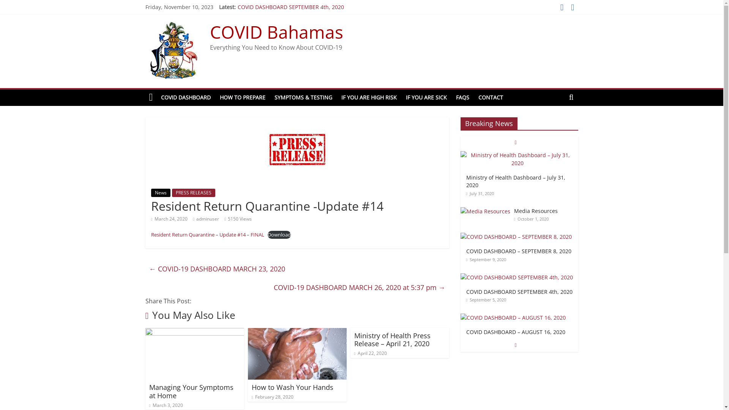 The width and height of the screenshot is (729, 410). I want to click on 'Media Resources', so click(484, 211).